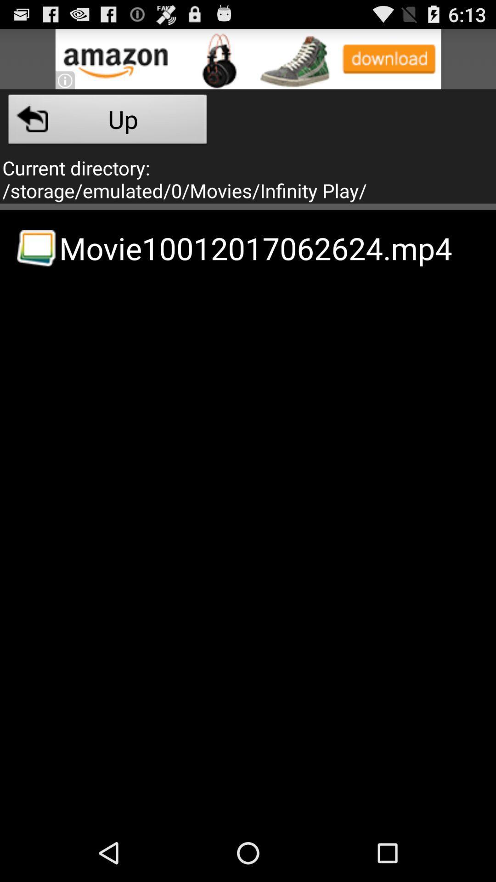  Describe the element at coordinates (248, 58) in the screenshot. I see `advertisement` at that location.